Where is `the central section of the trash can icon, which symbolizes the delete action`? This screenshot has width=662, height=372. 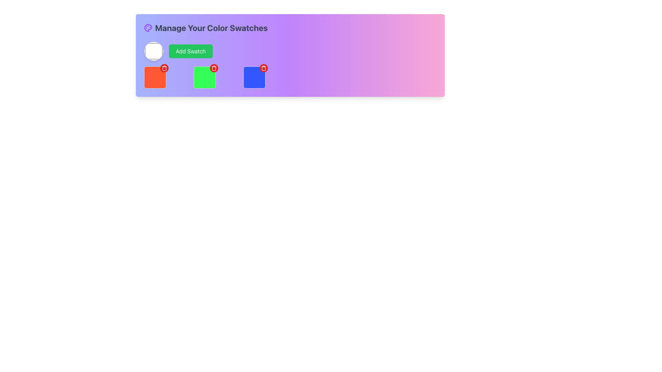
the central section of the trash can icon, which symbolizes the delete action is located at coordinates (213, 69).